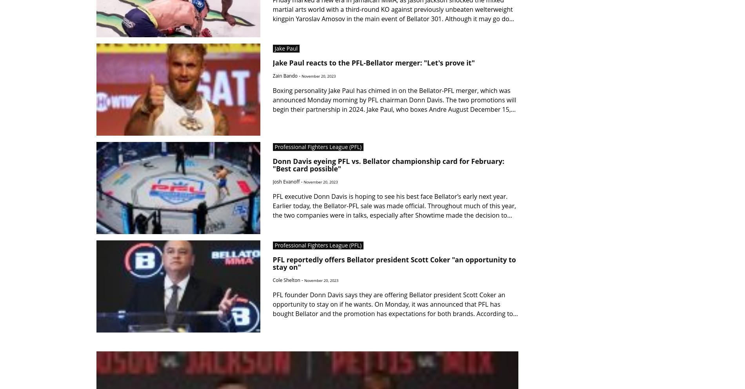 This screenshot has width=745, height=389. I want to click on 'Zain Bando -', so click(287, 75).